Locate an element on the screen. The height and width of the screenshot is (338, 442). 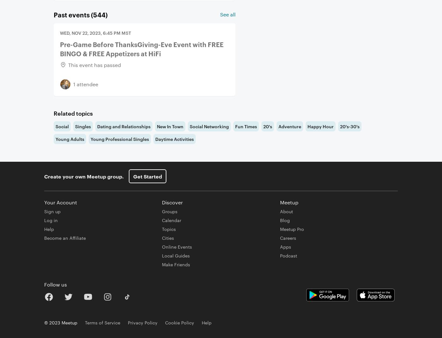
'Pre-Game Before ThanksGiving-Eve Event with FREE BINGO & FREE Appetizers at HiFi' is located at coordinates (141, 49).